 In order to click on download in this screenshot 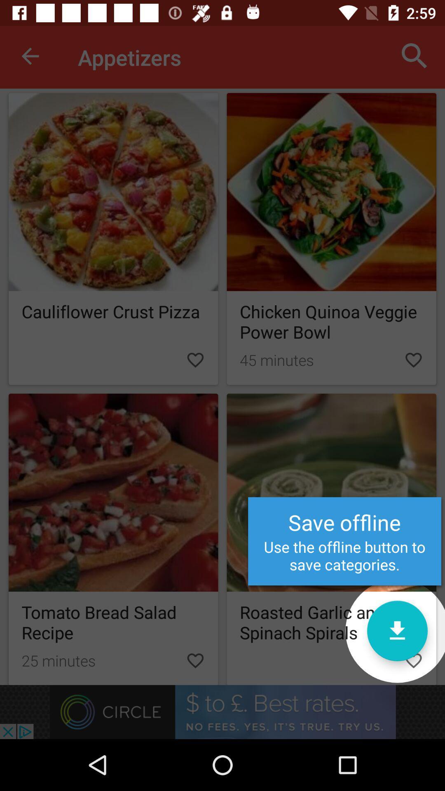, I will do `click(397, 630)`.